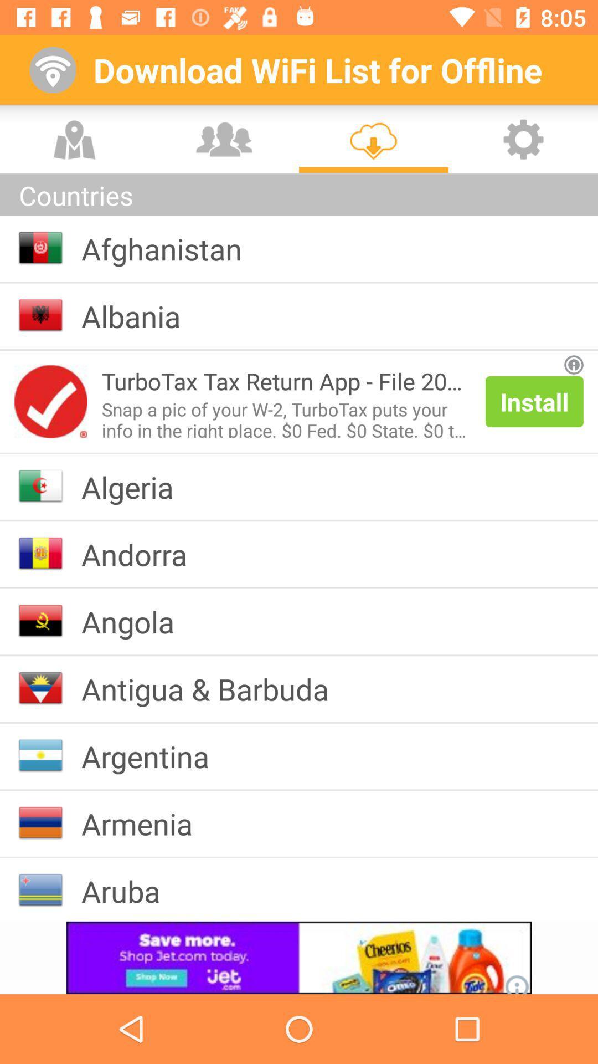 The image size is (598, 1064). Describe the element at coordinates (286, 417) in the screenshot. I see `snap a pic item` at that location.